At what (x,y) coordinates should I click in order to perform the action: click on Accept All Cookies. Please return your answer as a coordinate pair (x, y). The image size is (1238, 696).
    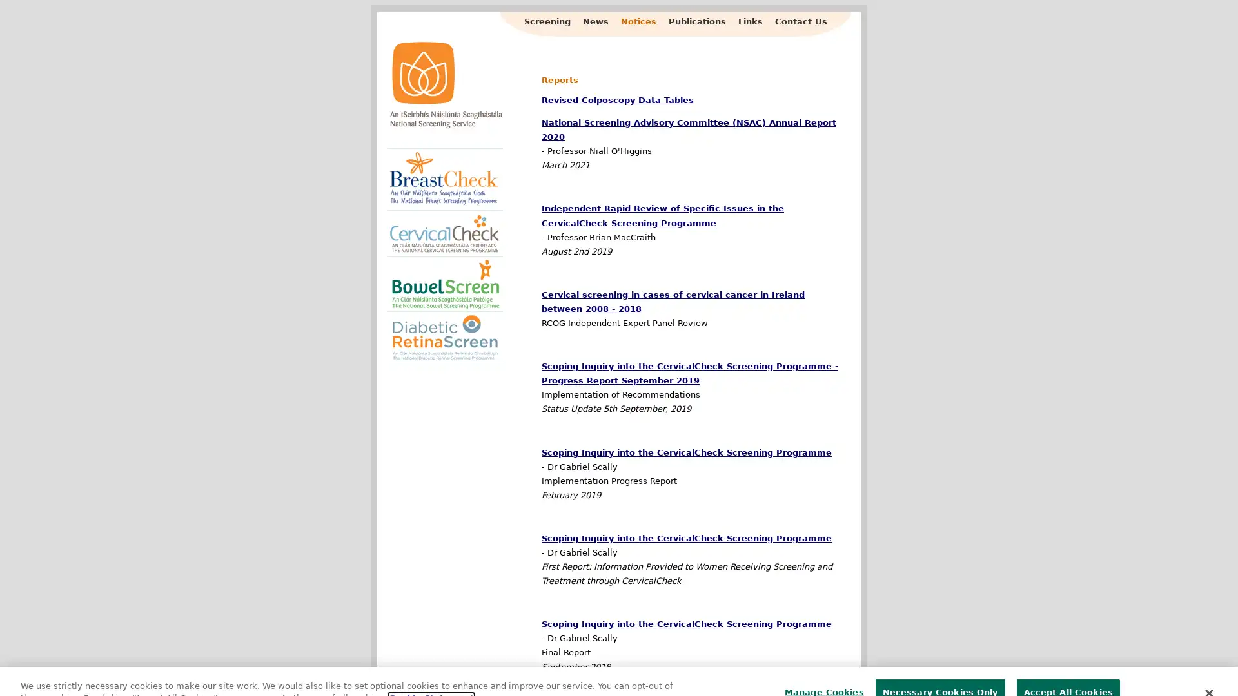
    Looking at the image, I should click on (1068, 668).